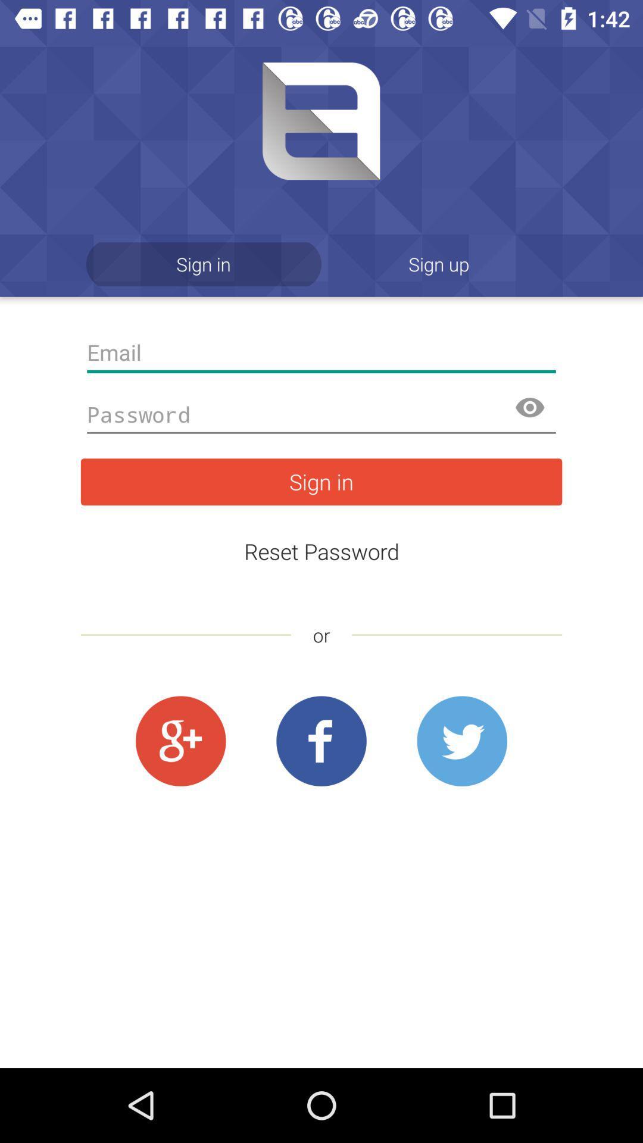 Image resolution: width=643 pixels, height=1143 pixels. Describe the element at coordinates (321, 551) in the screenshot. I see `reset password below sign in button` at that location.